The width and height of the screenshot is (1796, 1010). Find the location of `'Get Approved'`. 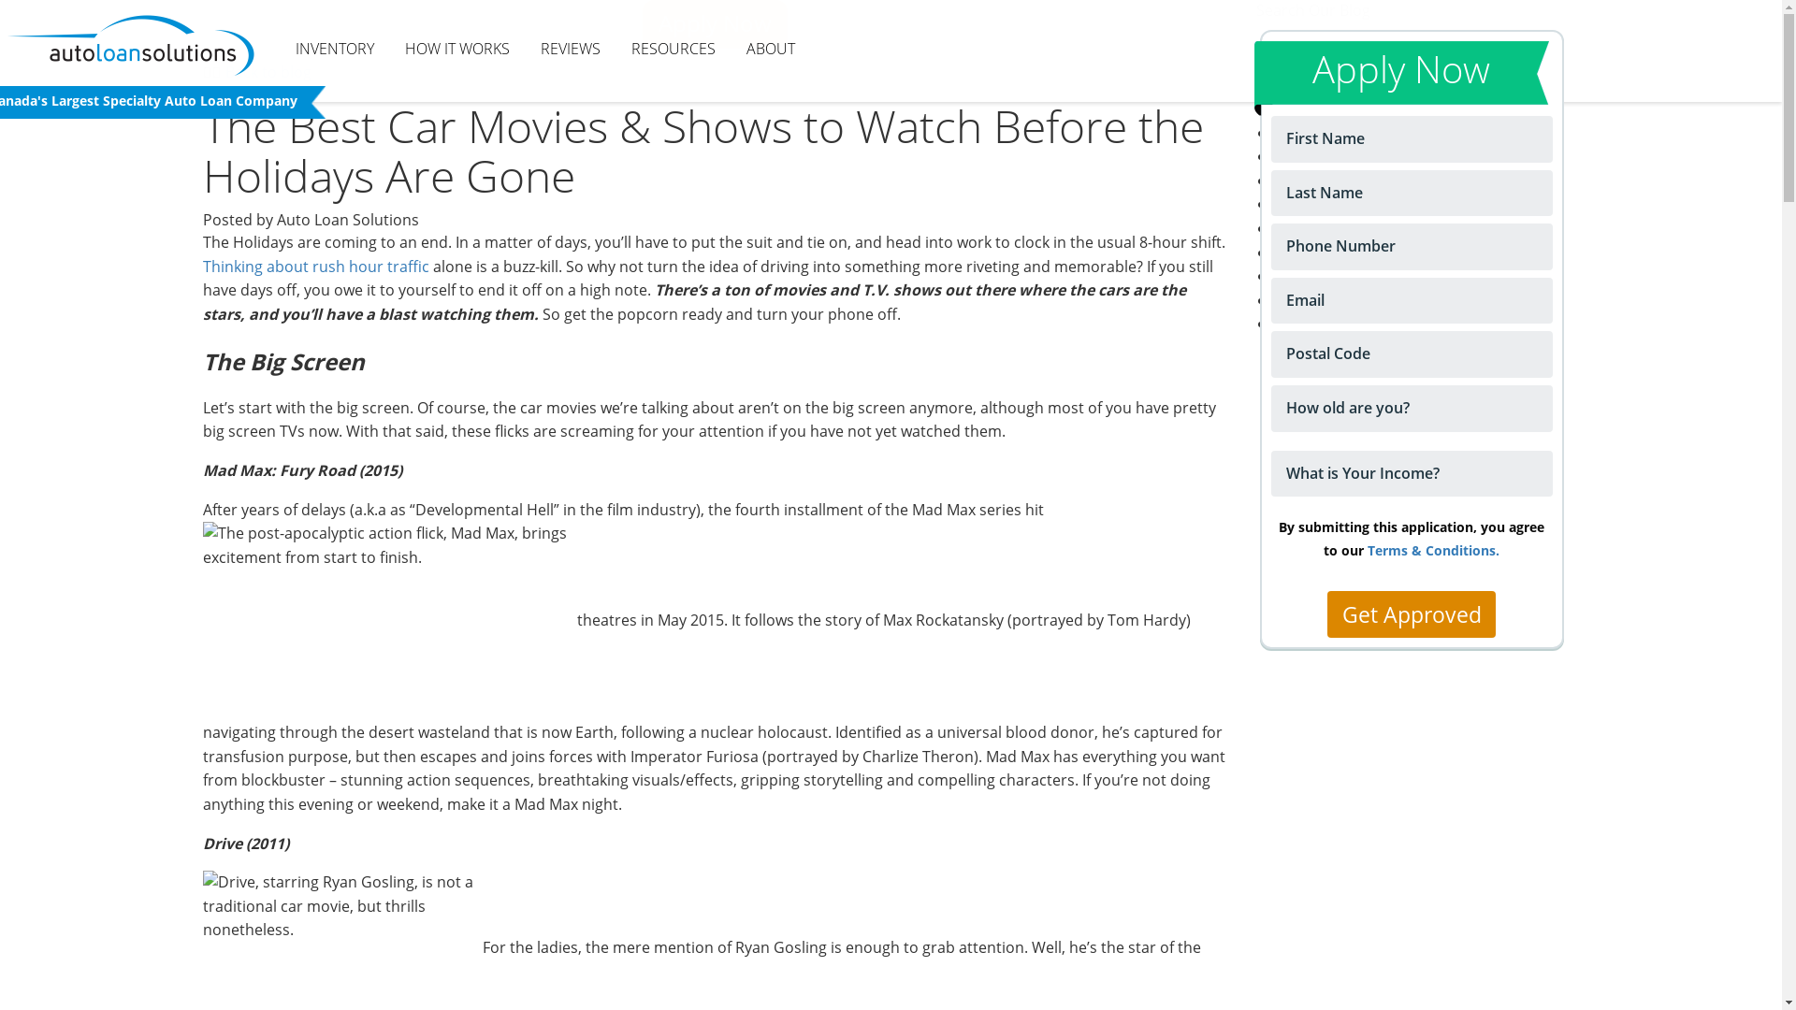

'Get Approved' is located at coordinates (1411, 613).